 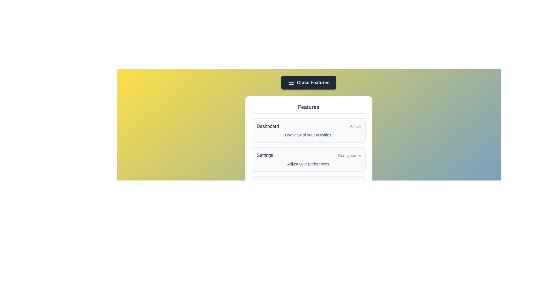 What do you see at coordinates (349, 155) in the screenshot?
I see `the status indicator text label located in the 'Settings' section, positioned to the right of the bold label 'Settings'` at bounding box center [349, 155].